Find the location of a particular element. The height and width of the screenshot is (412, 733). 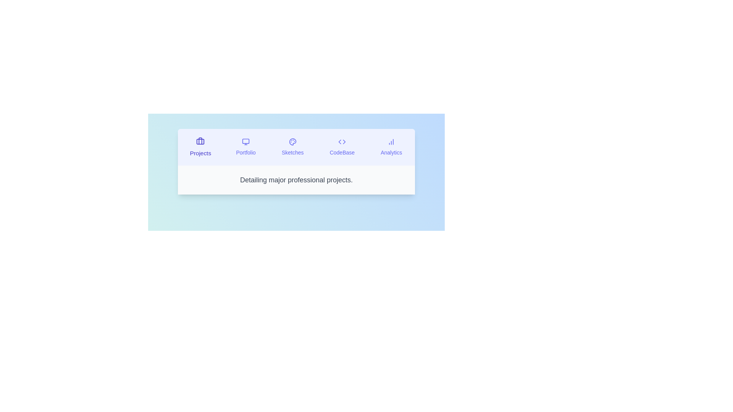

the tab labeled CodeBase to observe visual changes is located at coordinates (342, 147).